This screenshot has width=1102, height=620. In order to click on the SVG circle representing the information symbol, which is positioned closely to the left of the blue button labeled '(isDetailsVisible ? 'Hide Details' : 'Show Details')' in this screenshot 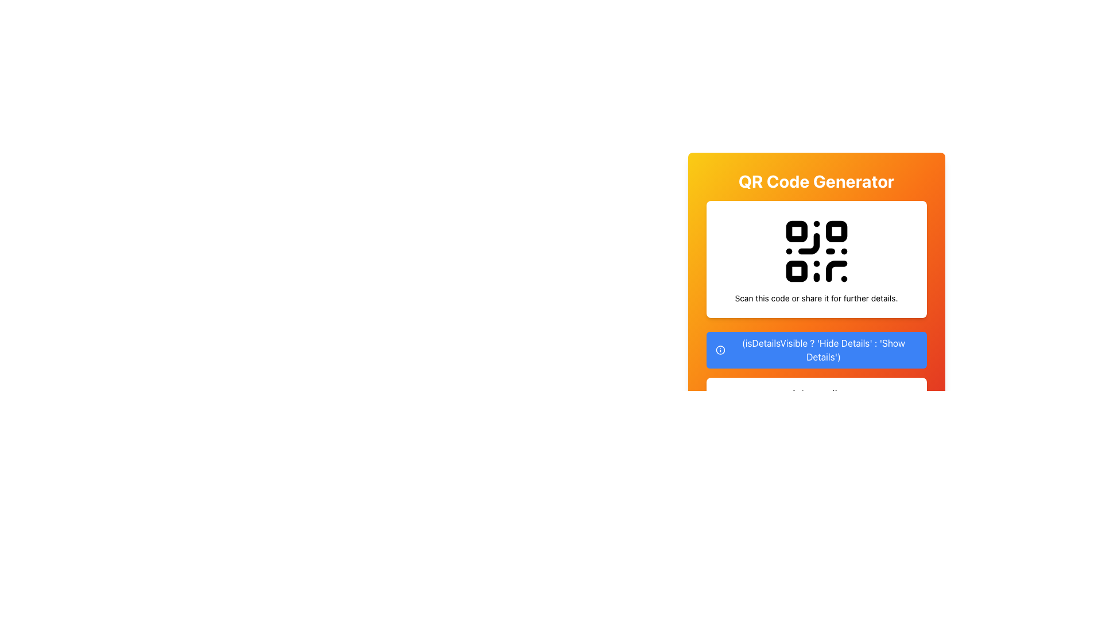, I will do `click(719, 349)`.